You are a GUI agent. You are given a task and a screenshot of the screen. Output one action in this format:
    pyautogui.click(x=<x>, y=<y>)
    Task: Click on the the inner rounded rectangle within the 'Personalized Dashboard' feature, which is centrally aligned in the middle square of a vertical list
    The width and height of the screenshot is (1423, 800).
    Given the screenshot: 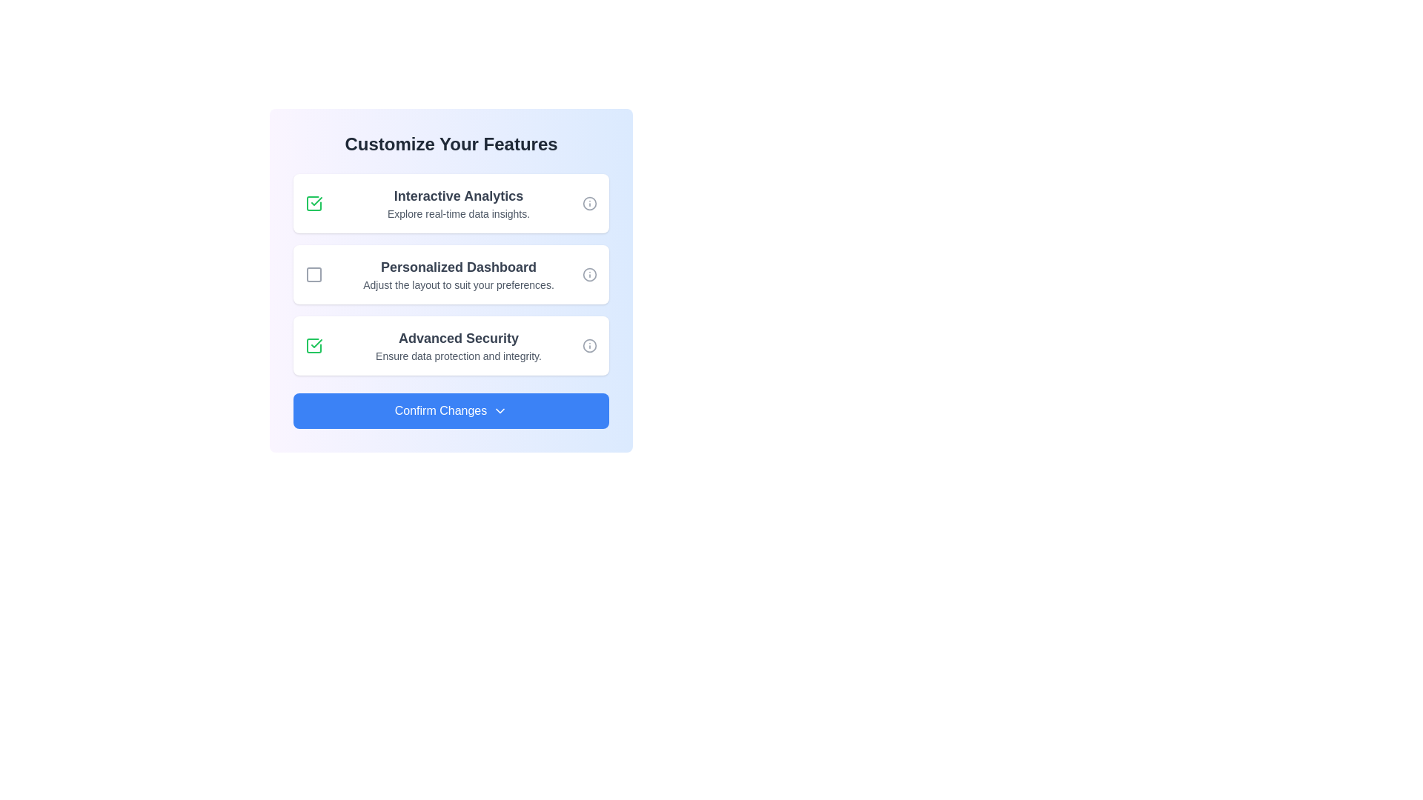 What is the action you would take?
    pyautogui.click(x=313, y=274)
    